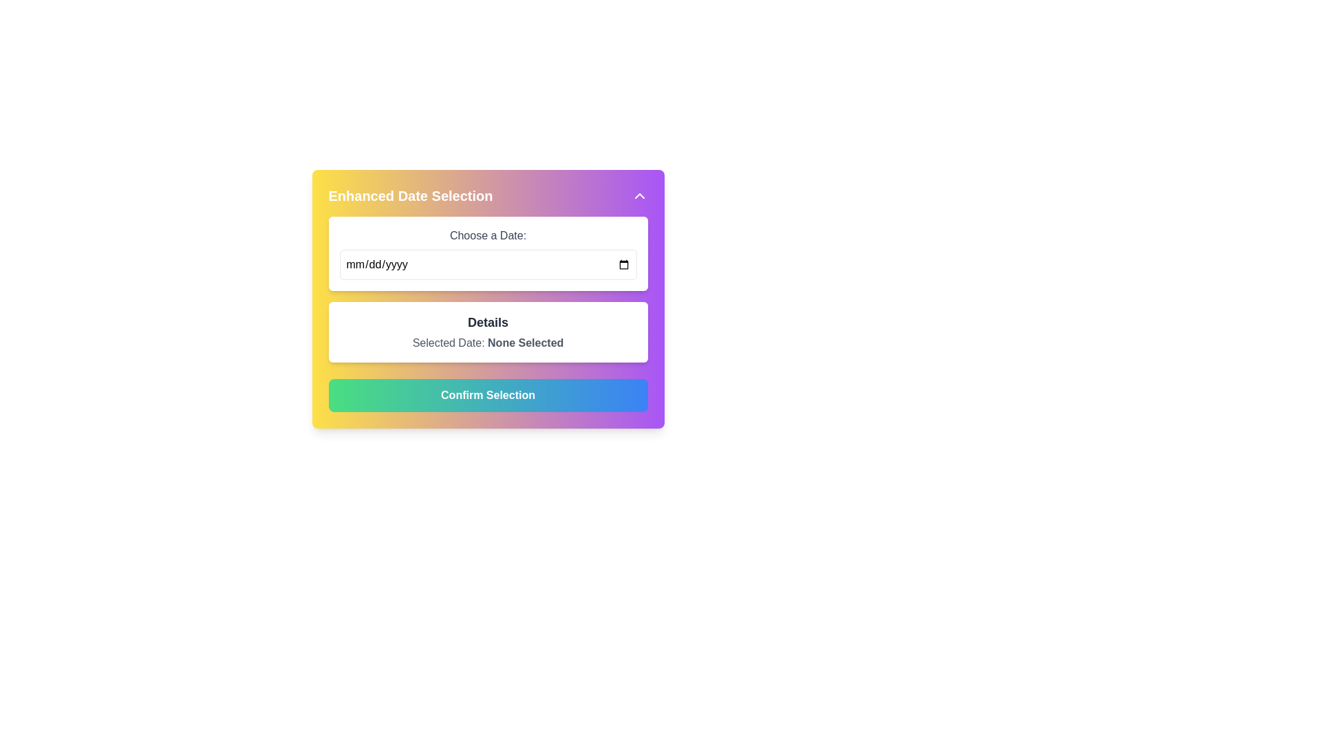  I want to click on the Information box which displays details about a selected date, currently showing 'None Selected', so click(488, 332).